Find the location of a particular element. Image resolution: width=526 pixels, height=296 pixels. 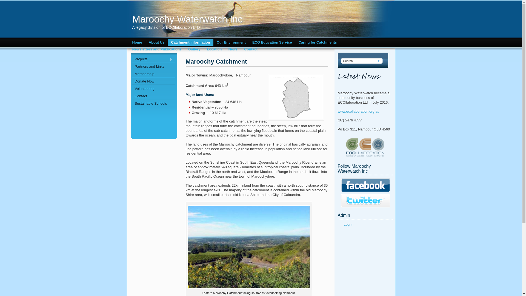

'Maroochy Catchment facing south-east overlooking Nambour' is located at coordinates (248, 247).